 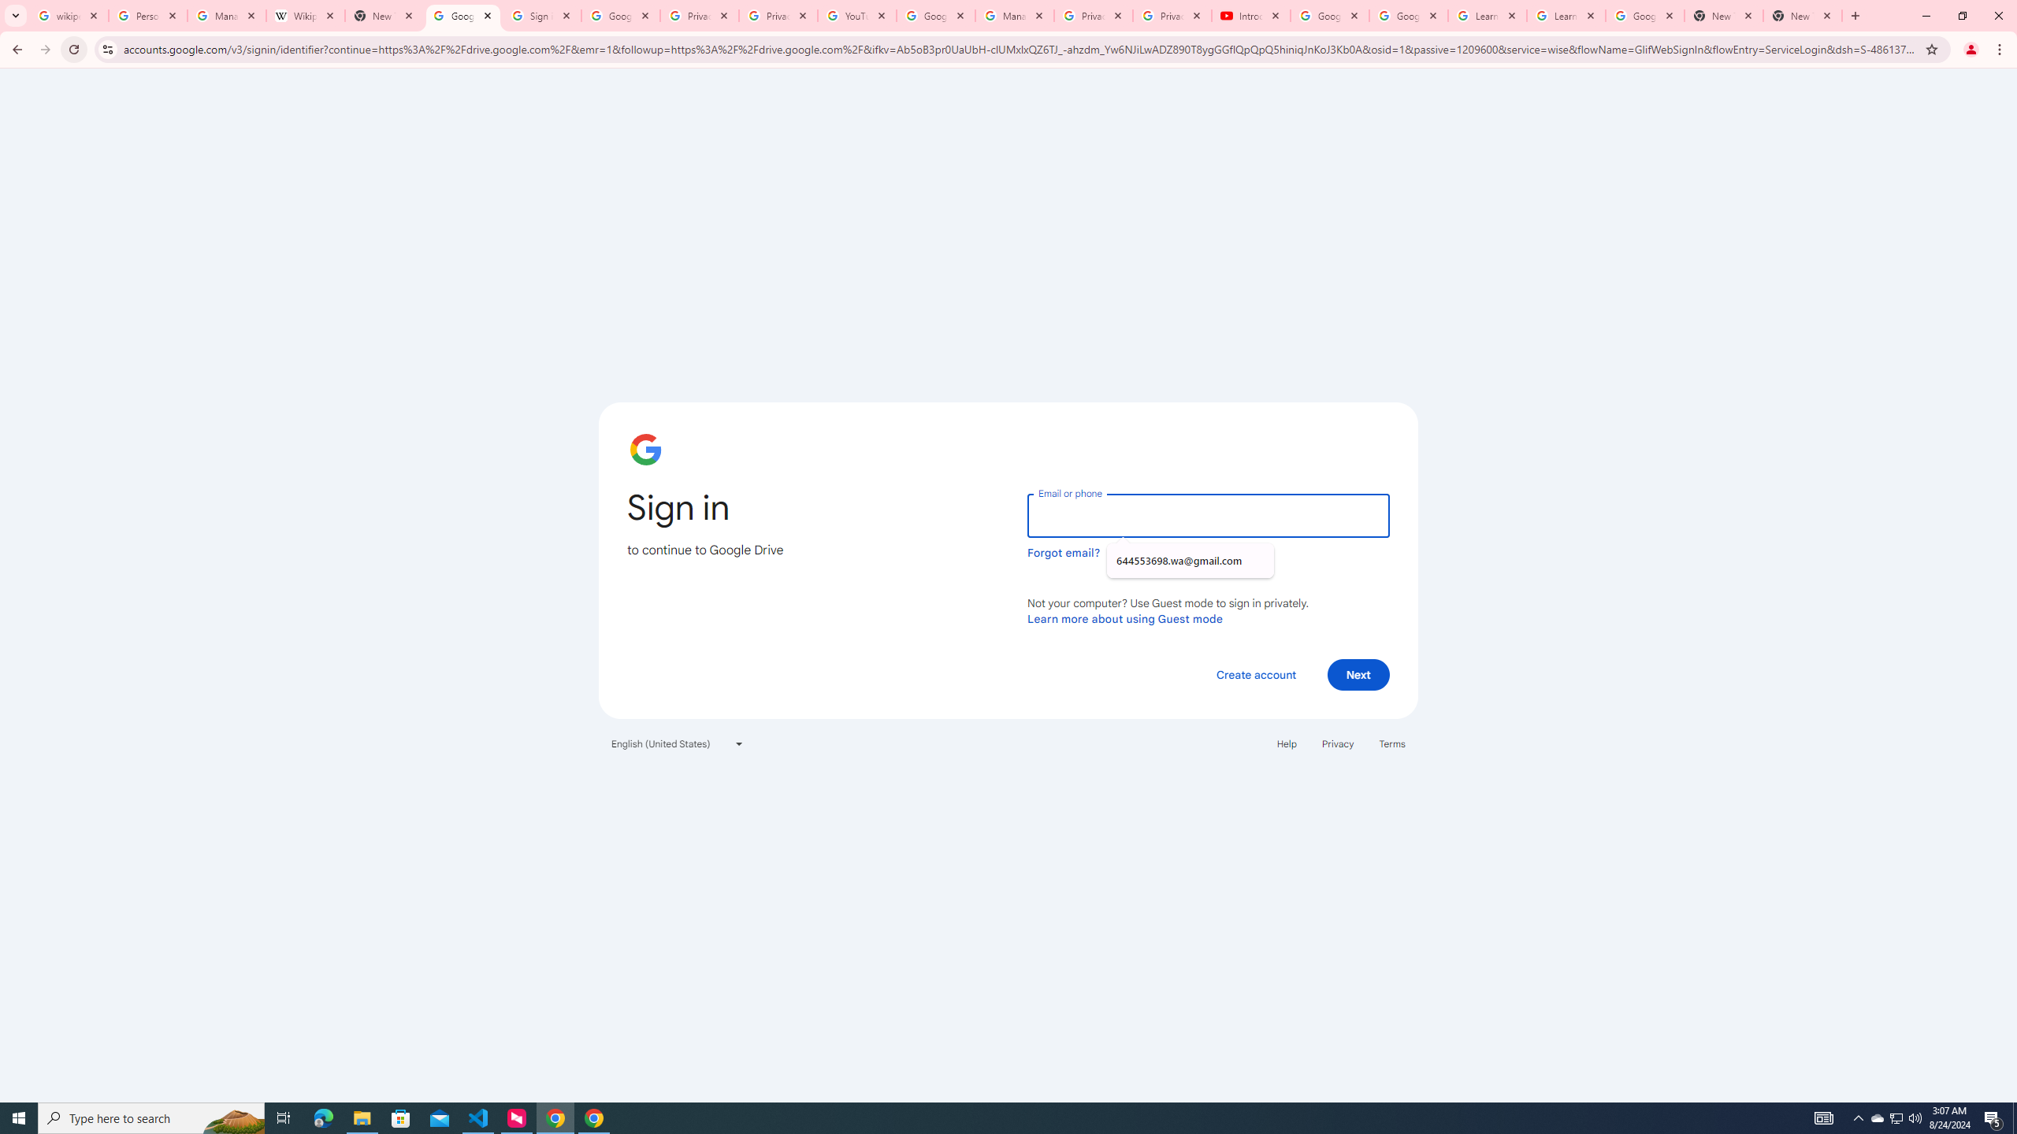 I want to click on 'Personalization & Google Search results - Google Search Help', so click(x=147, y=15).